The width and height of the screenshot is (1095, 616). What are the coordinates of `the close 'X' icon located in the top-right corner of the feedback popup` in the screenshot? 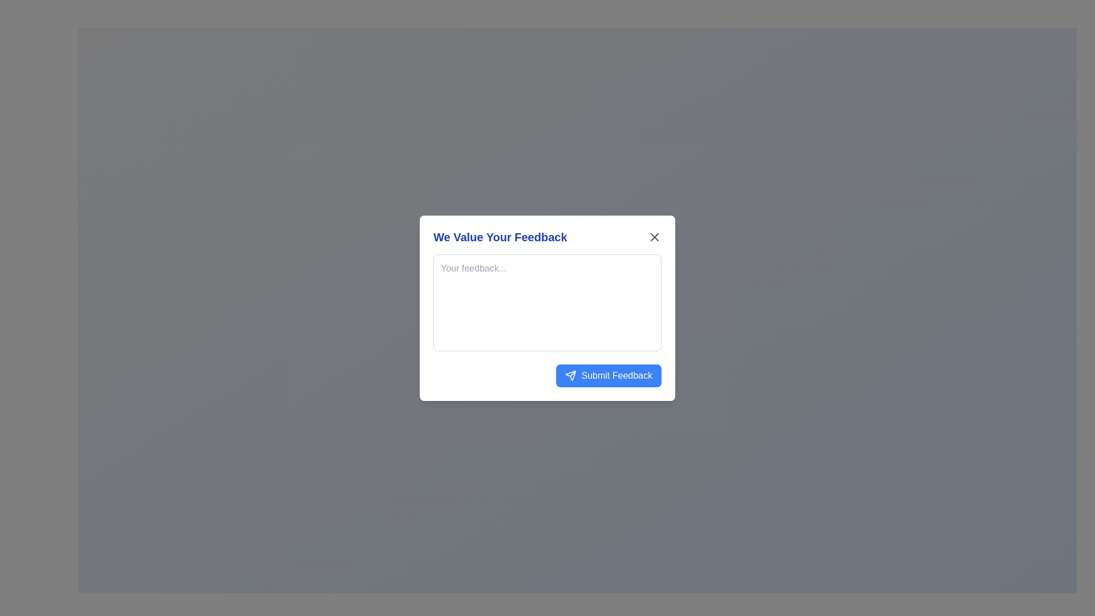 It's located at (654, 236).